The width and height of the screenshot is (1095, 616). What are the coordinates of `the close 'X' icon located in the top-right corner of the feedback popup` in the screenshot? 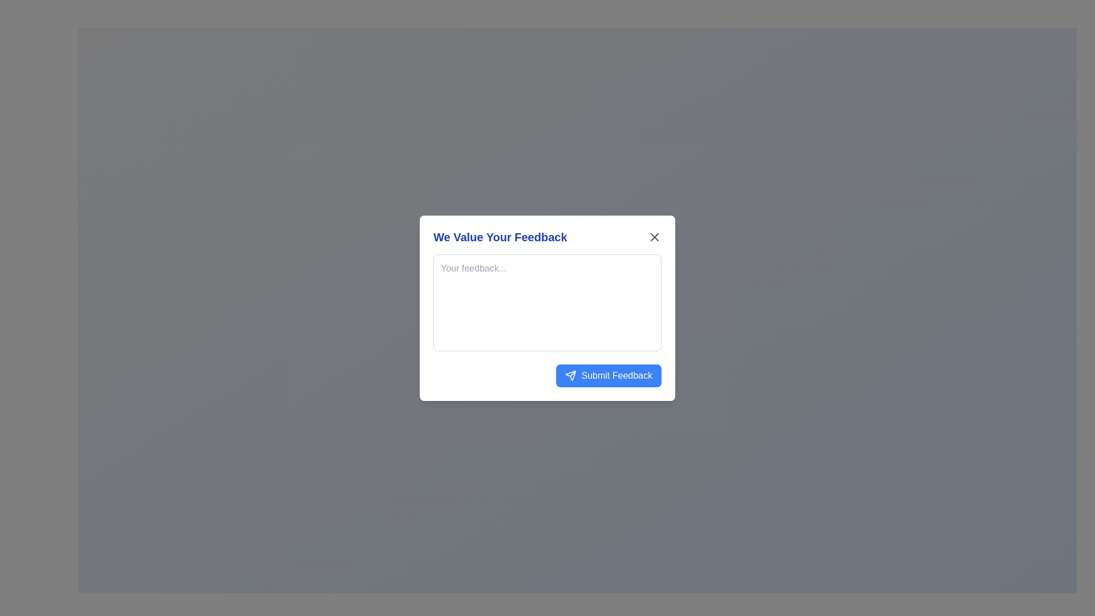 It's located at (654, 236).